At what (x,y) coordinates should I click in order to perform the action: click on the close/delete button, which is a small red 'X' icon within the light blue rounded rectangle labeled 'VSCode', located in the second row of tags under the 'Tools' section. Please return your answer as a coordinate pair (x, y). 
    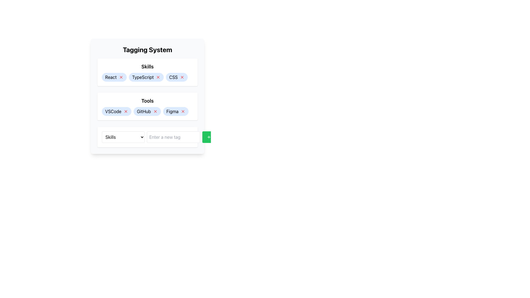
    Looking at the image, I should click on (125, 111).